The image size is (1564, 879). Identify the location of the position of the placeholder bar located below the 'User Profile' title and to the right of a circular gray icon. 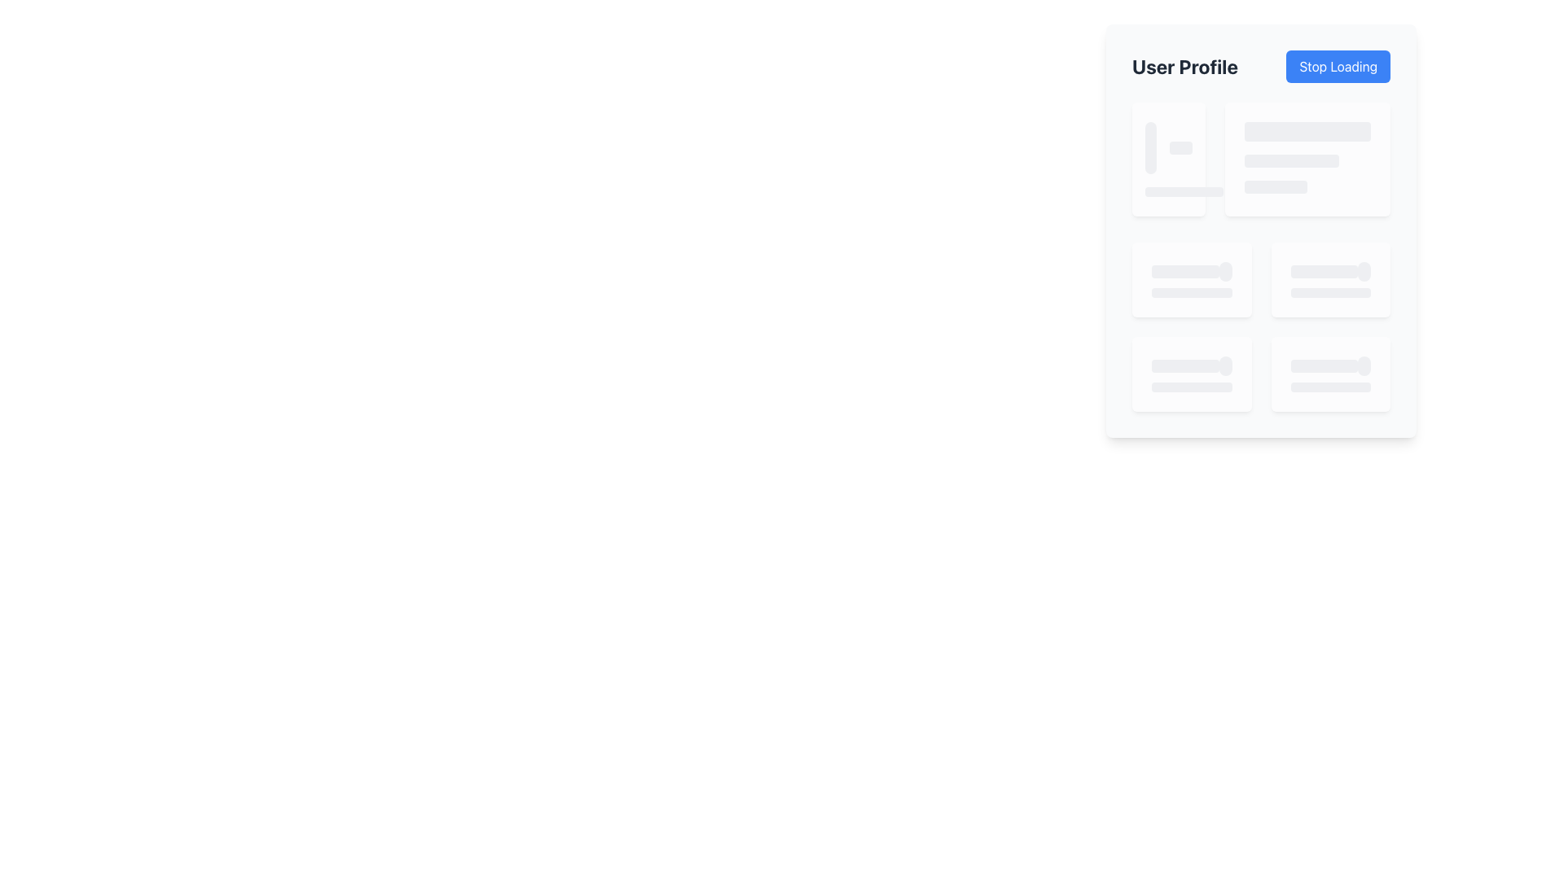
(1180, 147).